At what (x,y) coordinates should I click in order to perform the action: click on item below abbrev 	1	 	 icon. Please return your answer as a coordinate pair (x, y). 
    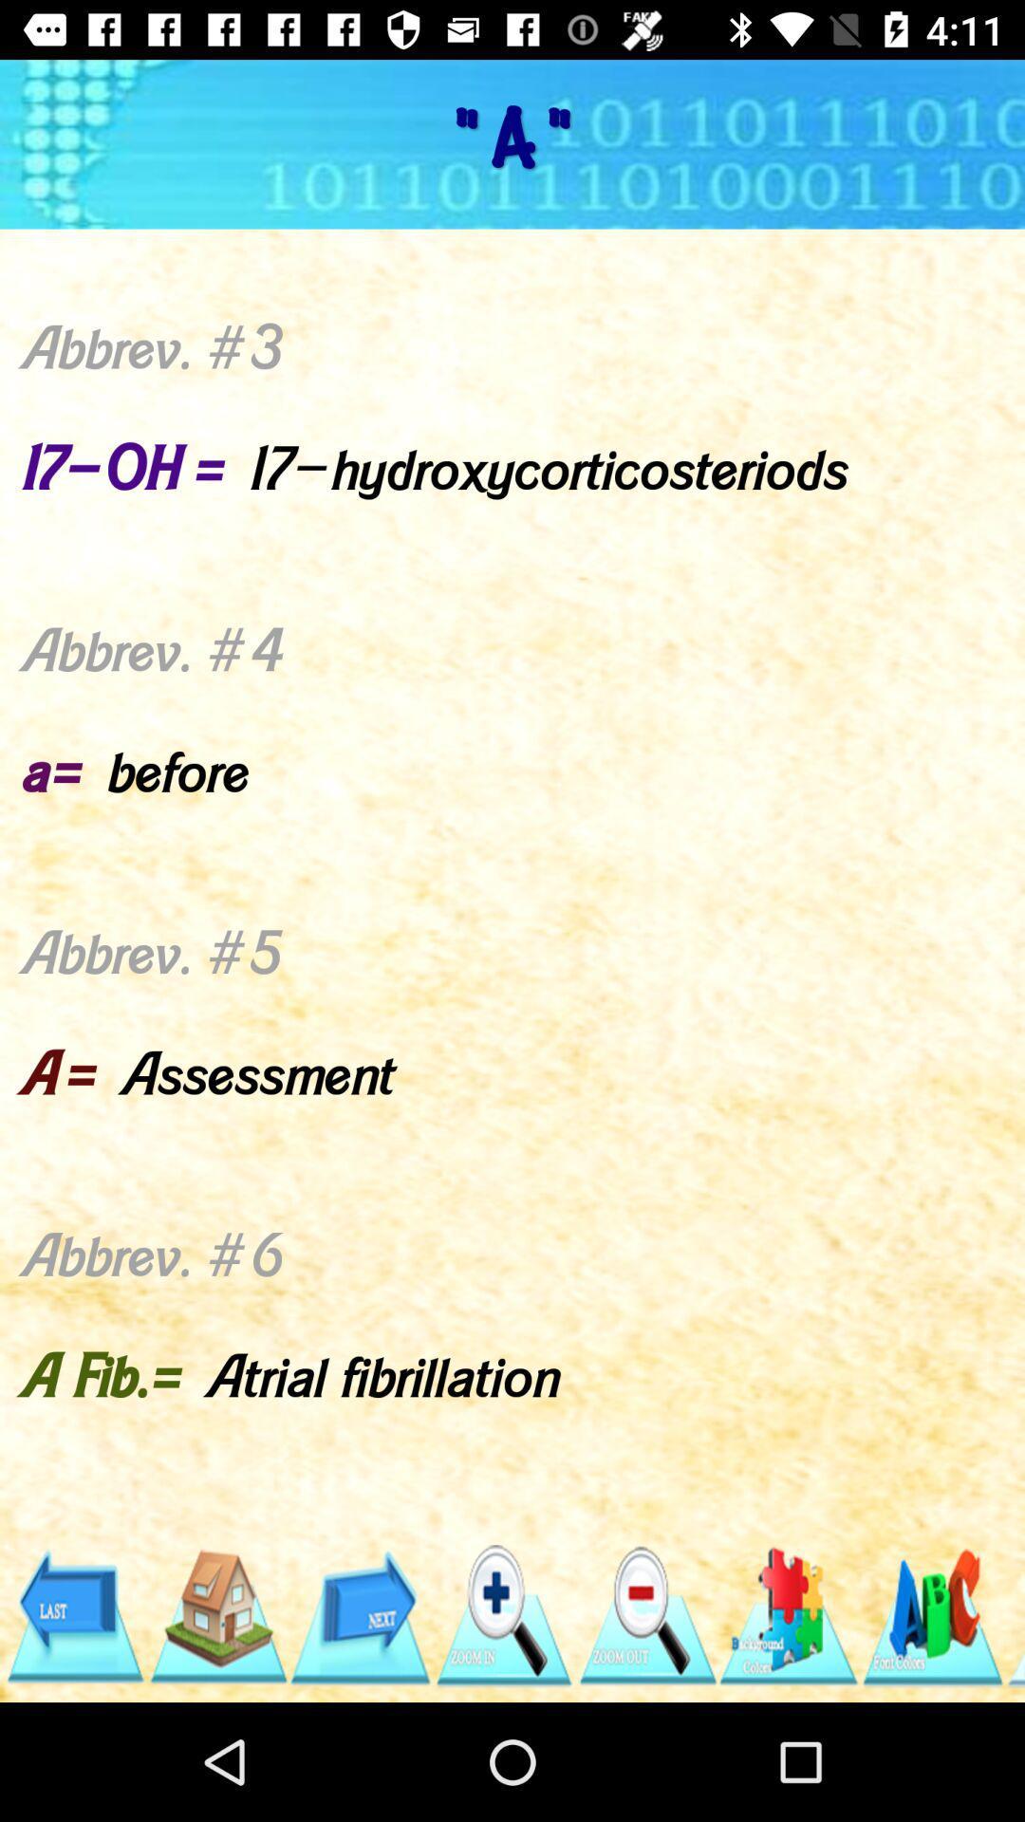
    Looking at the image, I should click on (502, 1615).